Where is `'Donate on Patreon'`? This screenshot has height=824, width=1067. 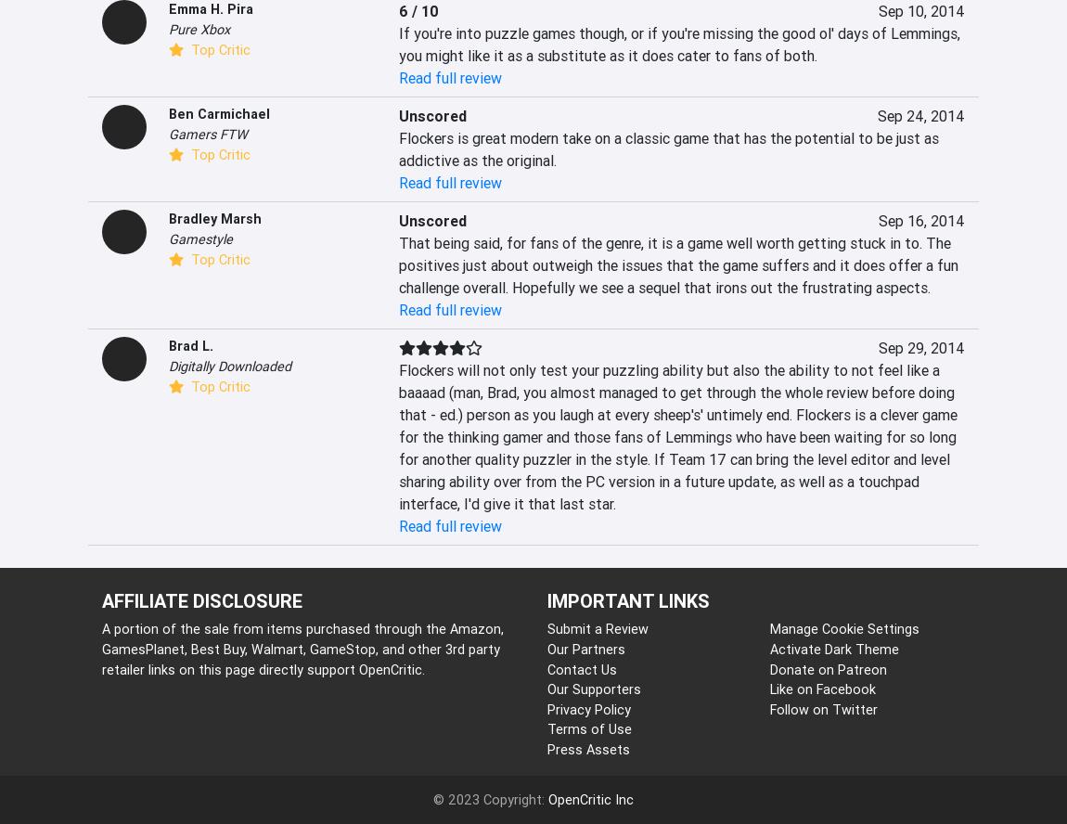 'Donate on Patreon' is located at coordinates (828, 668).